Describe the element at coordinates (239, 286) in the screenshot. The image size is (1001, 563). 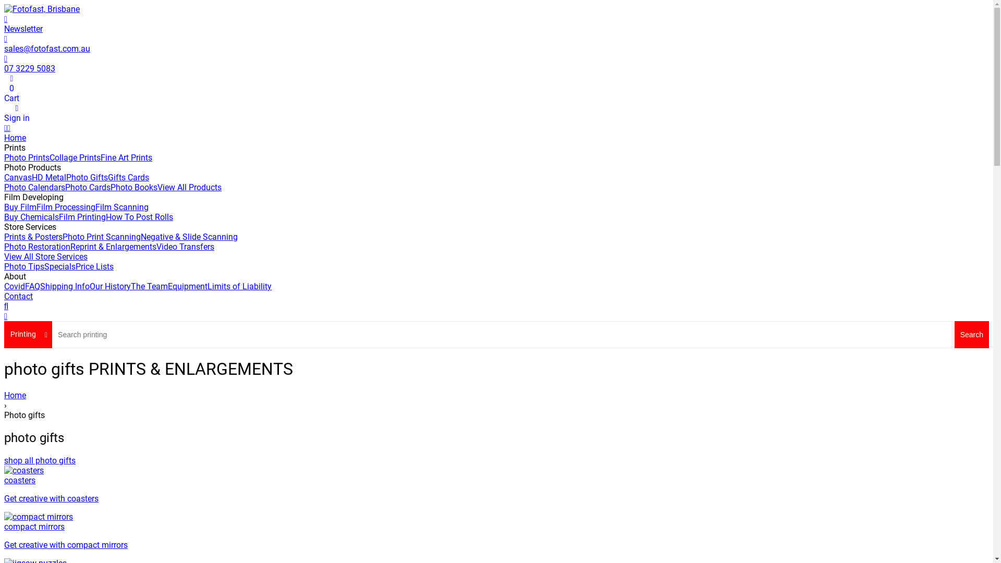
I see `'Limits of Liability'` at that location.